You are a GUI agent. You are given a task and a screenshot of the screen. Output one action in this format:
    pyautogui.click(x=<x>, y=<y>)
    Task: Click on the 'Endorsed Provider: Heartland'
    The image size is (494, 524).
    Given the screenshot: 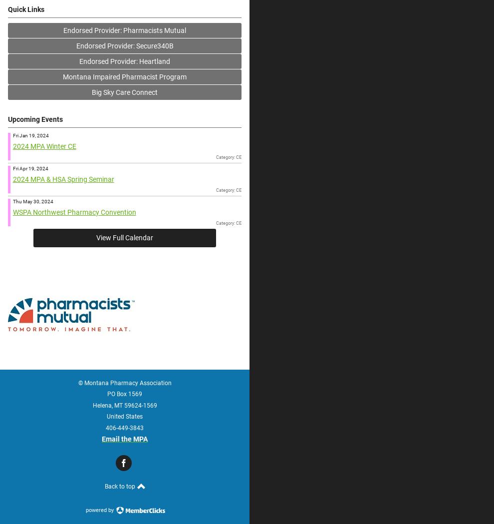 What is the action you would take?
    pyautogui.click(x=124, y=60)
    